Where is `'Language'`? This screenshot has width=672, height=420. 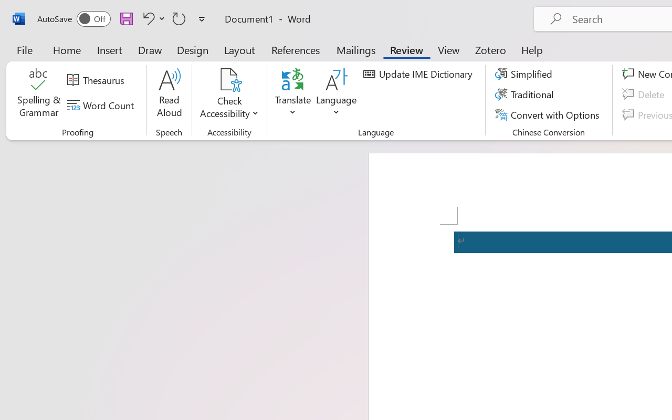
'Language' is located at coordinates (337, 94).